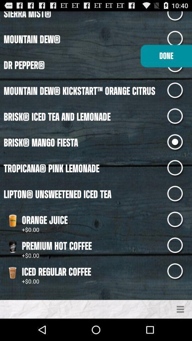  What do you see at coordinates (179, 91) in the screenshot?
I see `the circle icon below done` at bounding box center [179, 91].